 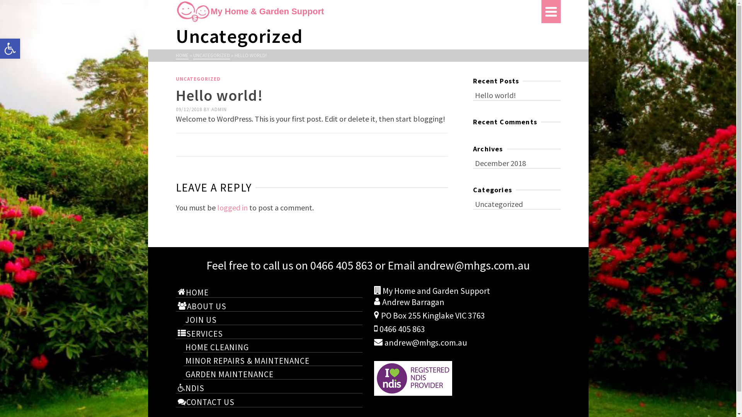 What do you see at coordinates (272, 319) in the screenshot?
I see `'JOIN US'` at bounding box center [272, 319].